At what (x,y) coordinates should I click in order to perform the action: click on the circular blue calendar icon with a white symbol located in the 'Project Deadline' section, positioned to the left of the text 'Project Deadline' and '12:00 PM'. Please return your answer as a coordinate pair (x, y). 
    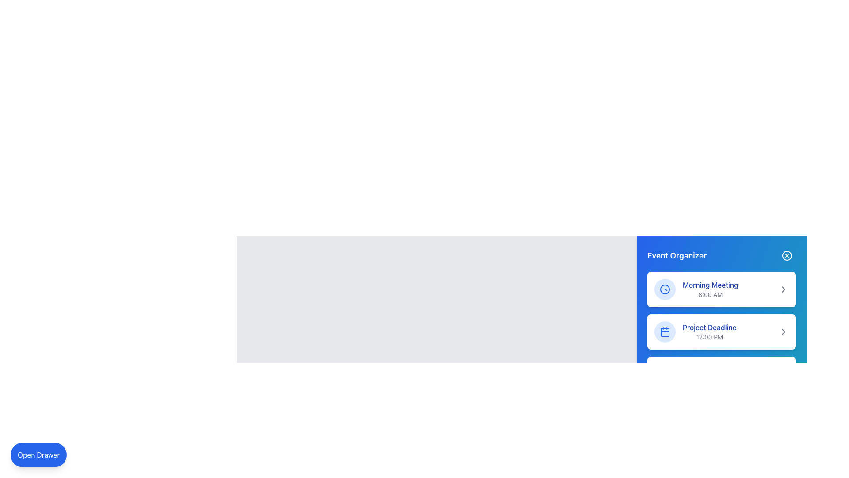
    Looking at the image, I should click on (665, 332).